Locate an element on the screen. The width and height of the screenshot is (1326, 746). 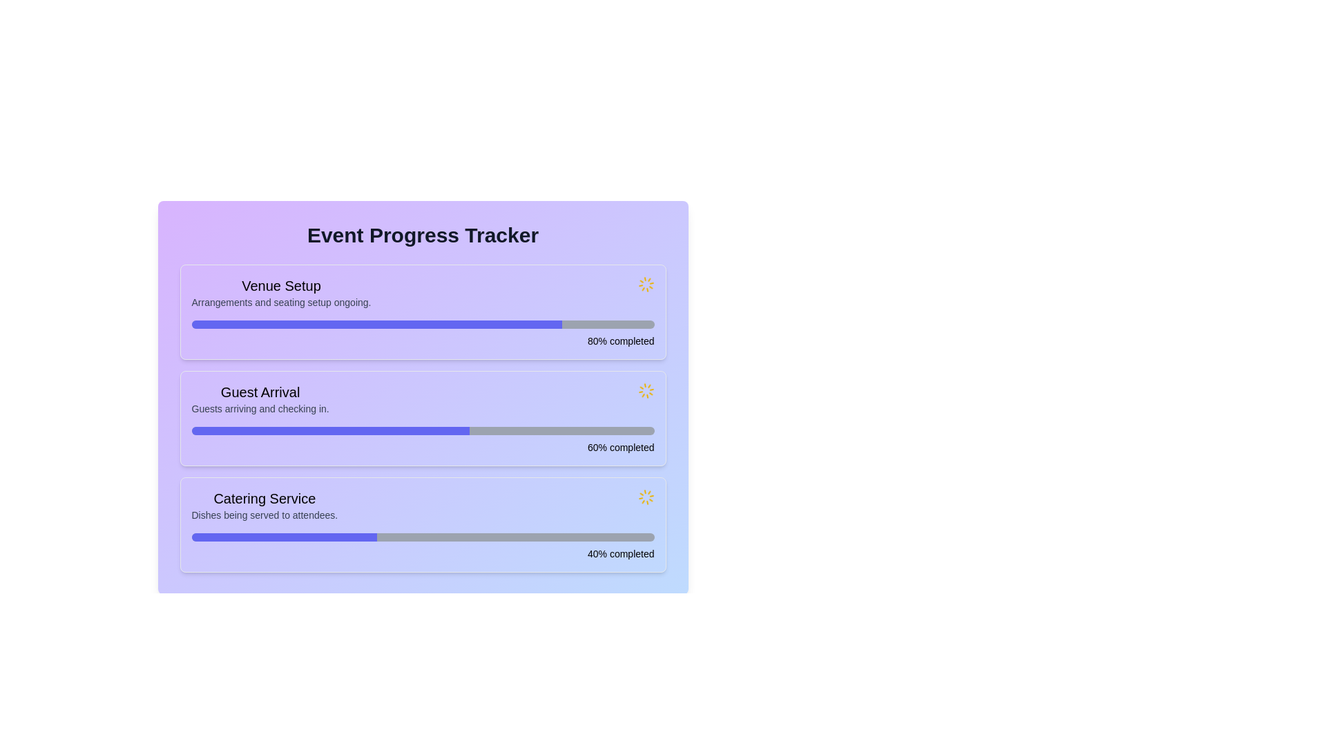
the title header for the 'Catering Service' progress section, which is positioned in the bottom-most section of the progress tracker interface is located at coordinates (265, 498).